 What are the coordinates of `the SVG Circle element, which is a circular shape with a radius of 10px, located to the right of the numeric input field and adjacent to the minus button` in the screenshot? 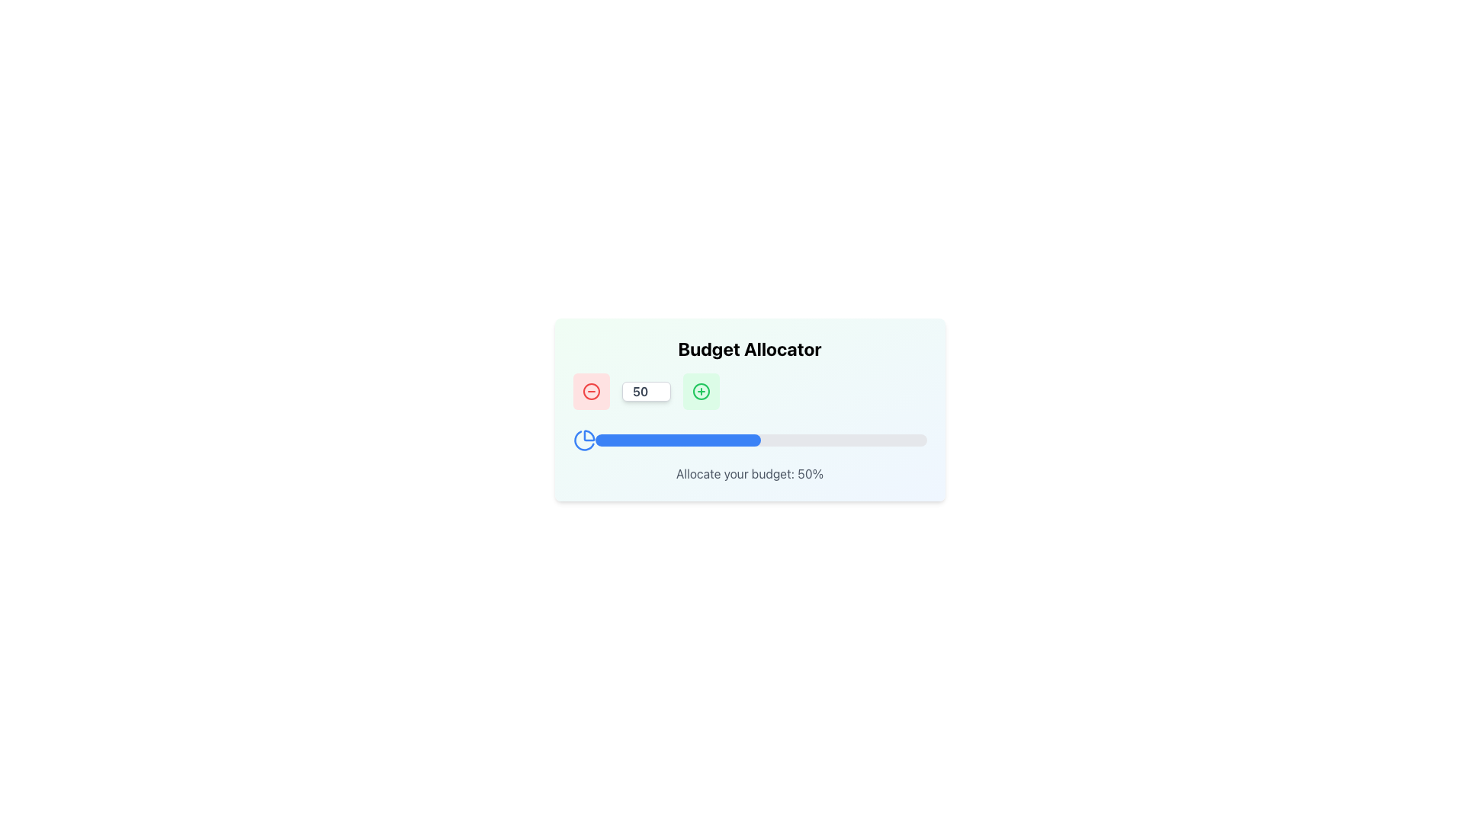 It's located at (700, 390).